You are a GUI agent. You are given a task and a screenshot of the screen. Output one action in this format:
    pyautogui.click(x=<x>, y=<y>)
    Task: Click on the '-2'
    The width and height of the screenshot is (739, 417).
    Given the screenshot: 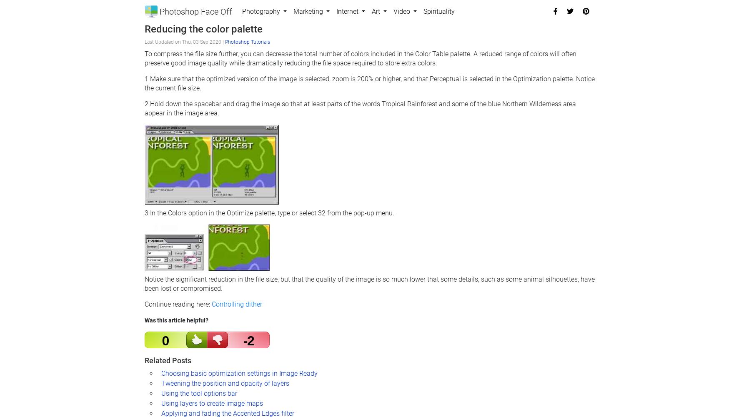 What is the action you would take?
    pyautogui.click(x=248, y=340)
    